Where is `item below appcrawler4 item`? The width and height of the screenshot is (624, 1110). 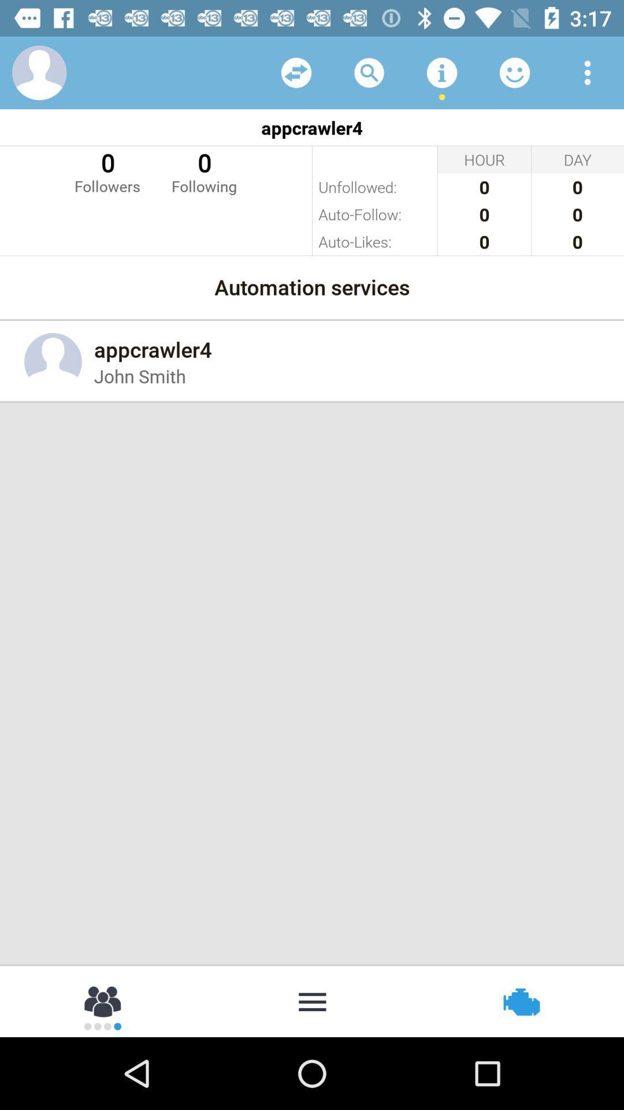
item below appcrawler4 item is located at coordinates (203, 171).